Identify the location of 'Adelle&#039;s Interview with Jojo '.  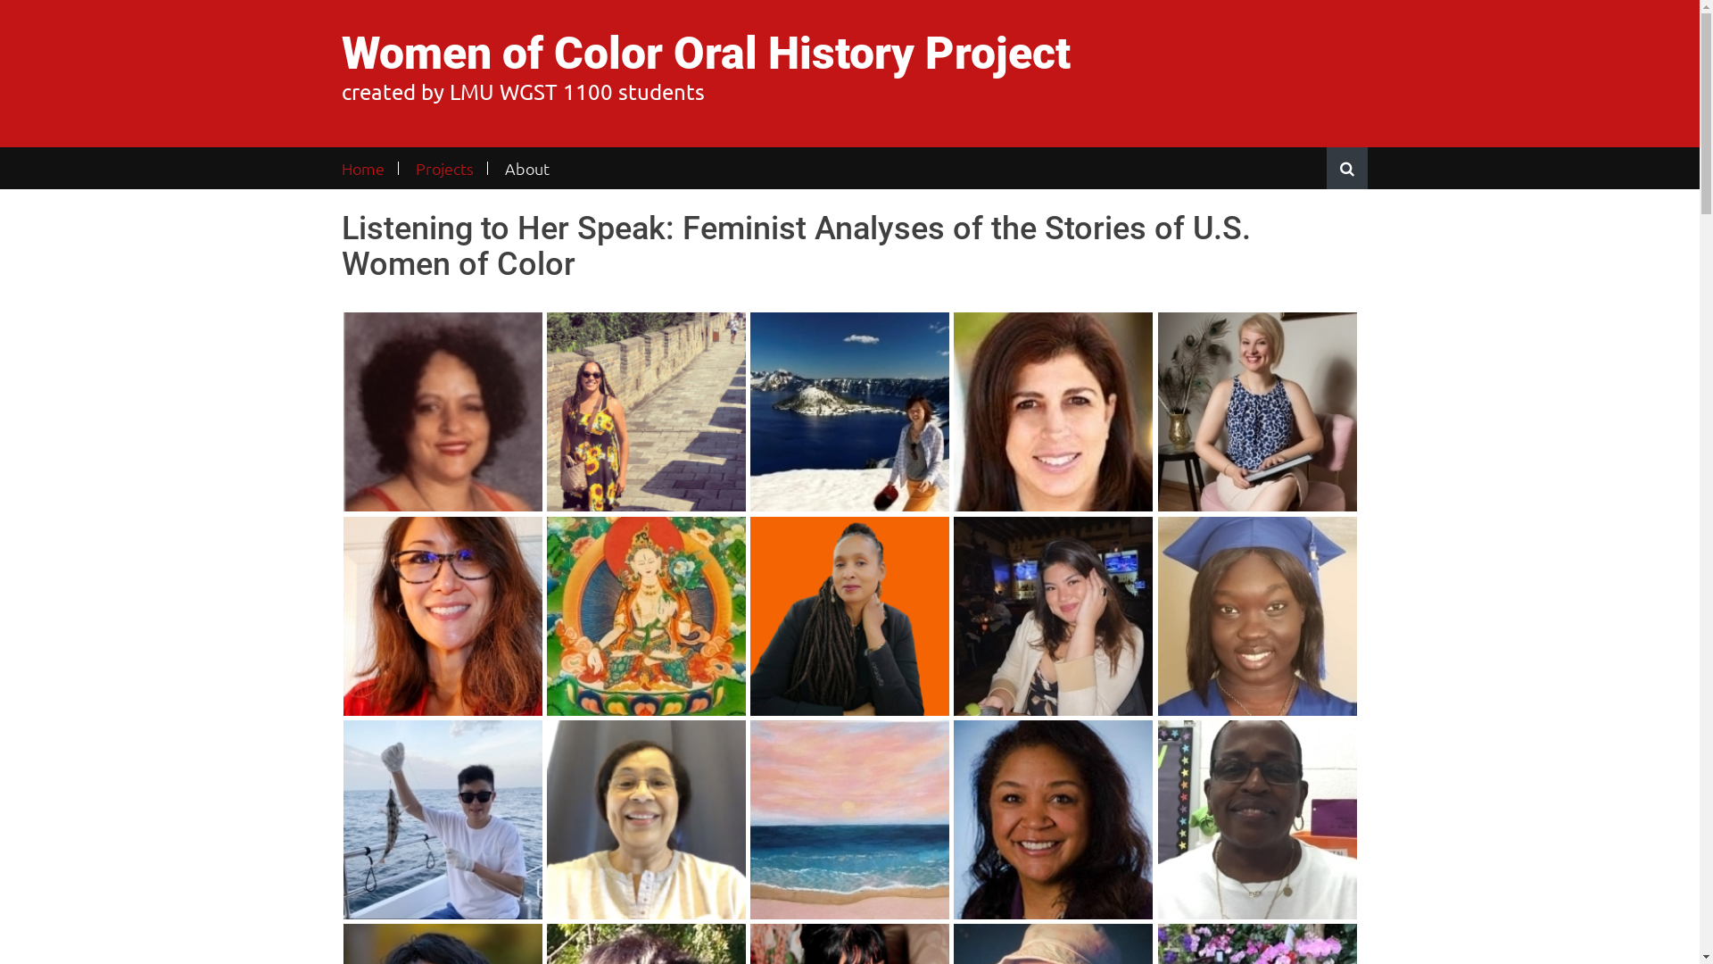
(442, 819).